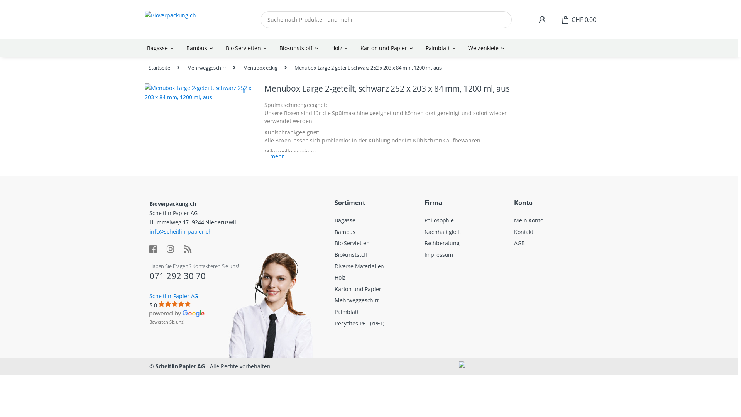 The width and height of the screenshot is (741, 417). I want to click on 'Holz', so click(340, 48).